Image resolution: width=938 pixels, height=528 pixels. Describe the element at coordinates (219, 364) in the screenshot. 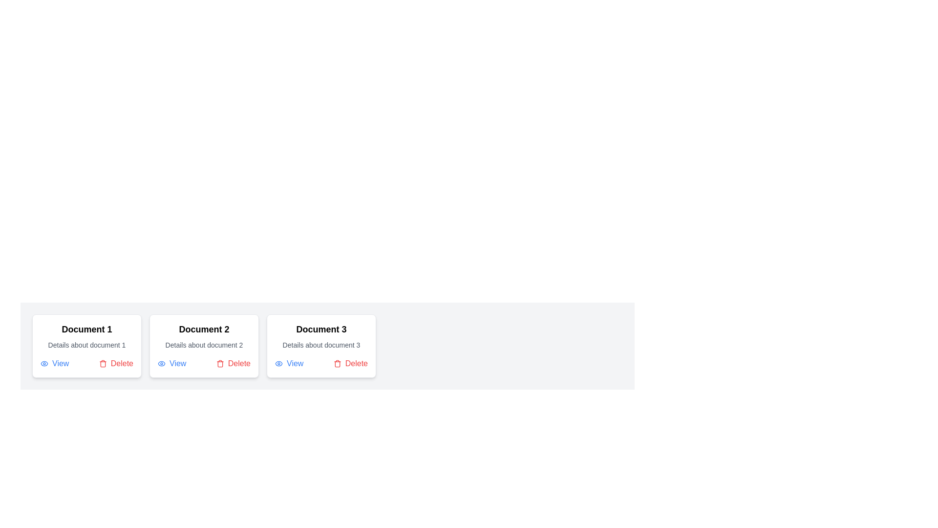

I see `the small red trash can icon, which is located in the second column of a three-column layout, next to the 'Delete' label and associated with the 'Document 2' card` at that location.